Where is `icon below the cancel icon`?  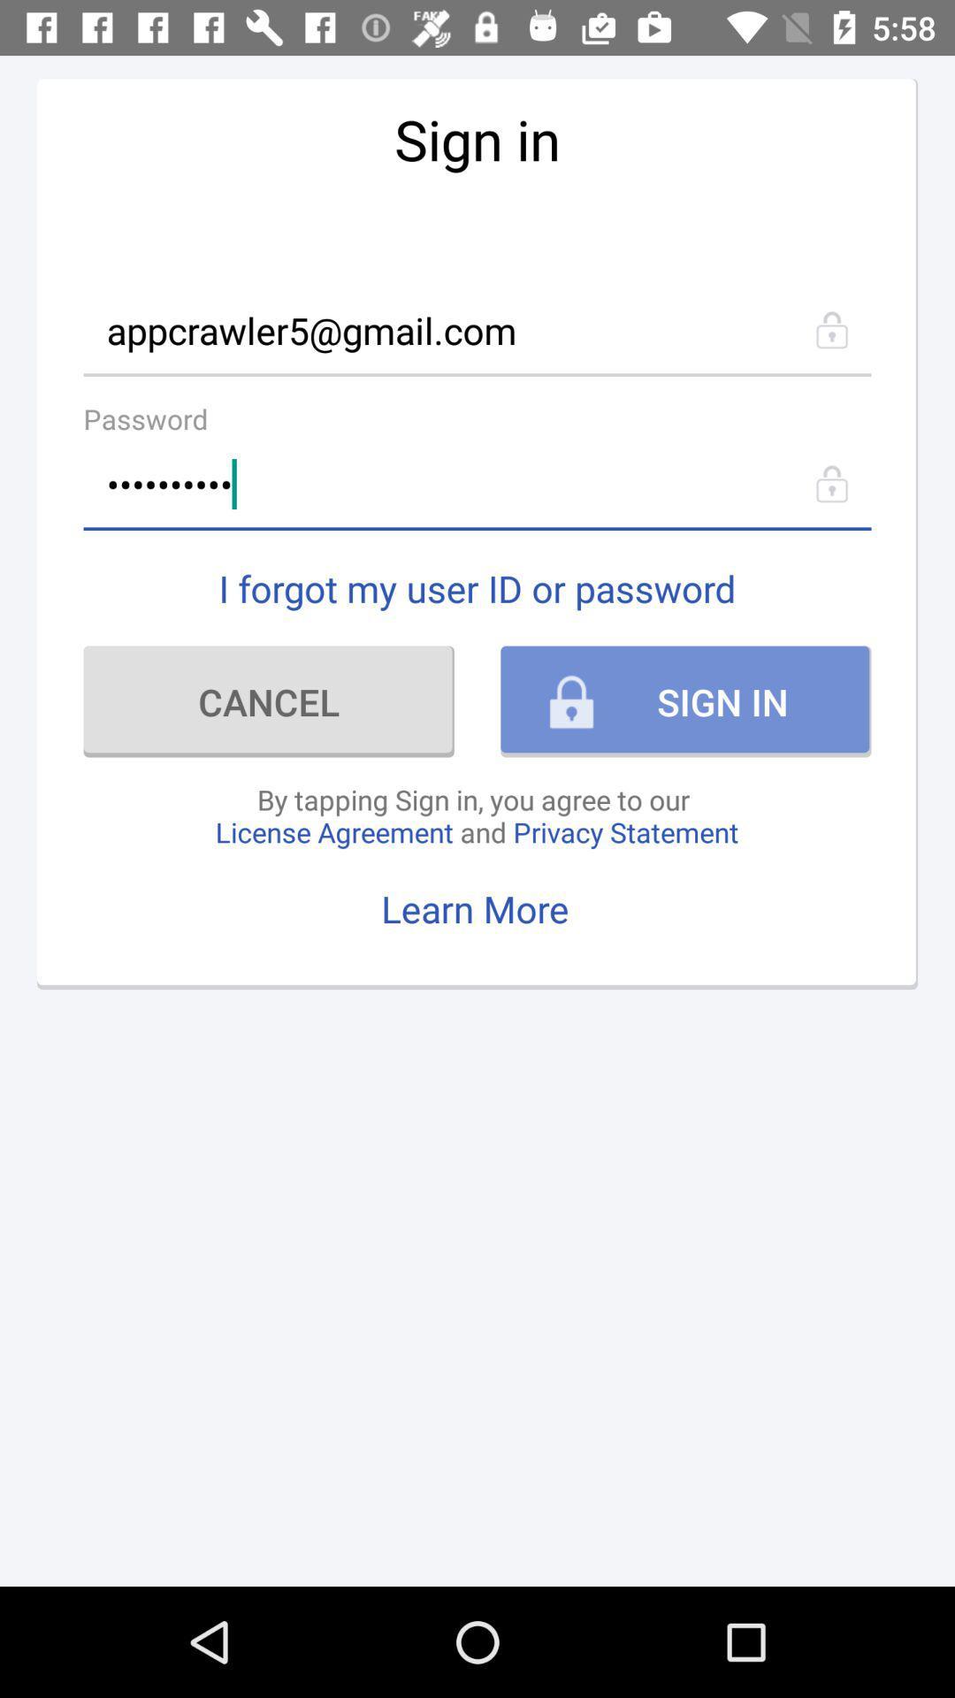
icon below the cancel icon is located at coordinates (476, 815).